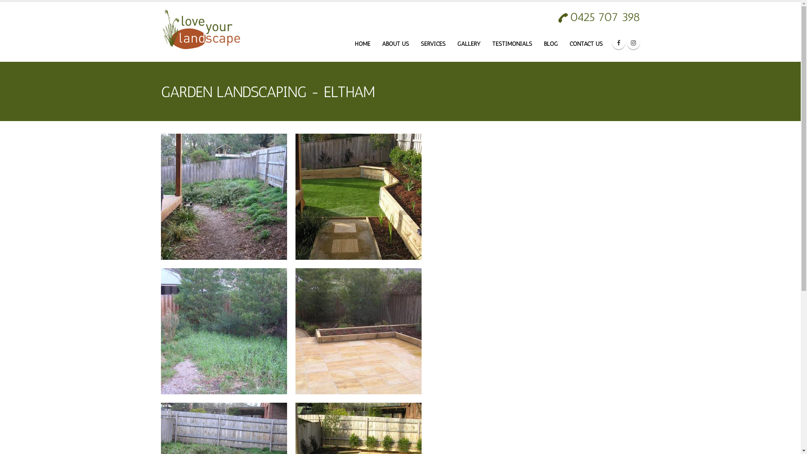 The width and height of the screenshot is (807, 454). What do you see at coordinates (468, 44) in the screenshot?
I see `'GALLERY'` at bounding box center [468, 44].